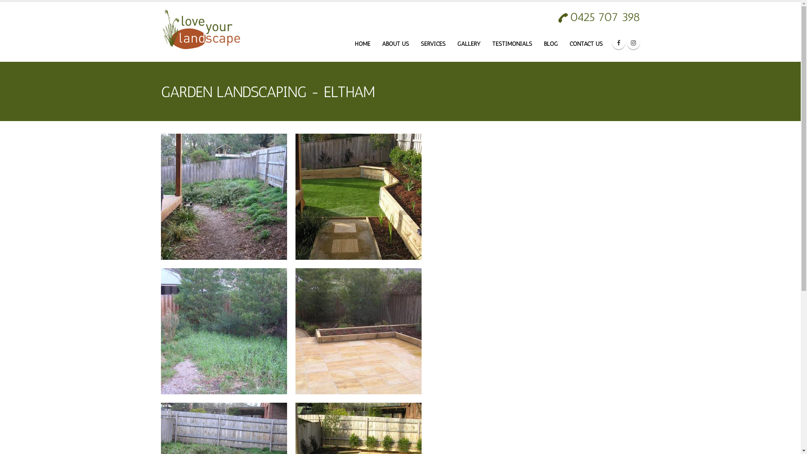 The width and height of the screenshot is (807, 454). What do you see at coordinates (468, 44) in the screenshot?
I see `'GALLERY'` at bounding box center [468, 44].